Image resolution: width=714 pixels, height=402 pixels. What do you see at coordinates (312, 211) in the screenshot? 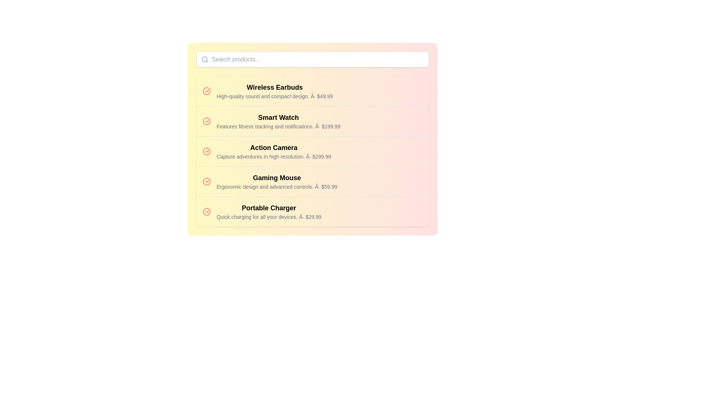
I see `the list item representing the product 'Portable Charger', which includes a checkmark icon on the left and a description stating 'Quick charging for all your devices. · $29.99'. This element is the fifth item in a vertically stacked list` at bounding box center [312, 211].